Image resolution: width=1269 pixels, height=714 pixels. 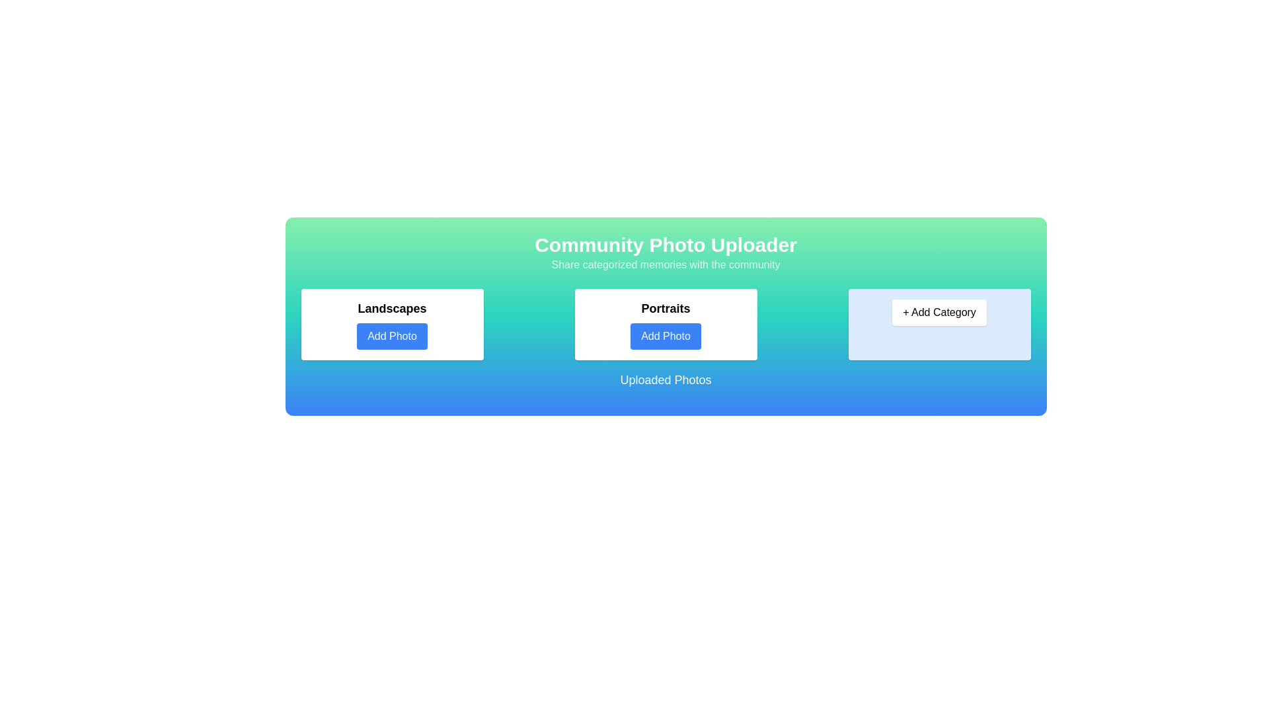 What do you see at coordinates (666, 265) in the screenshot?
I see `the text label displaying 'Share categorized memories with the community', which is located beneath the title 'Community Photo Uploader' on a greenish gradient background` at bounding box center [666, 265].